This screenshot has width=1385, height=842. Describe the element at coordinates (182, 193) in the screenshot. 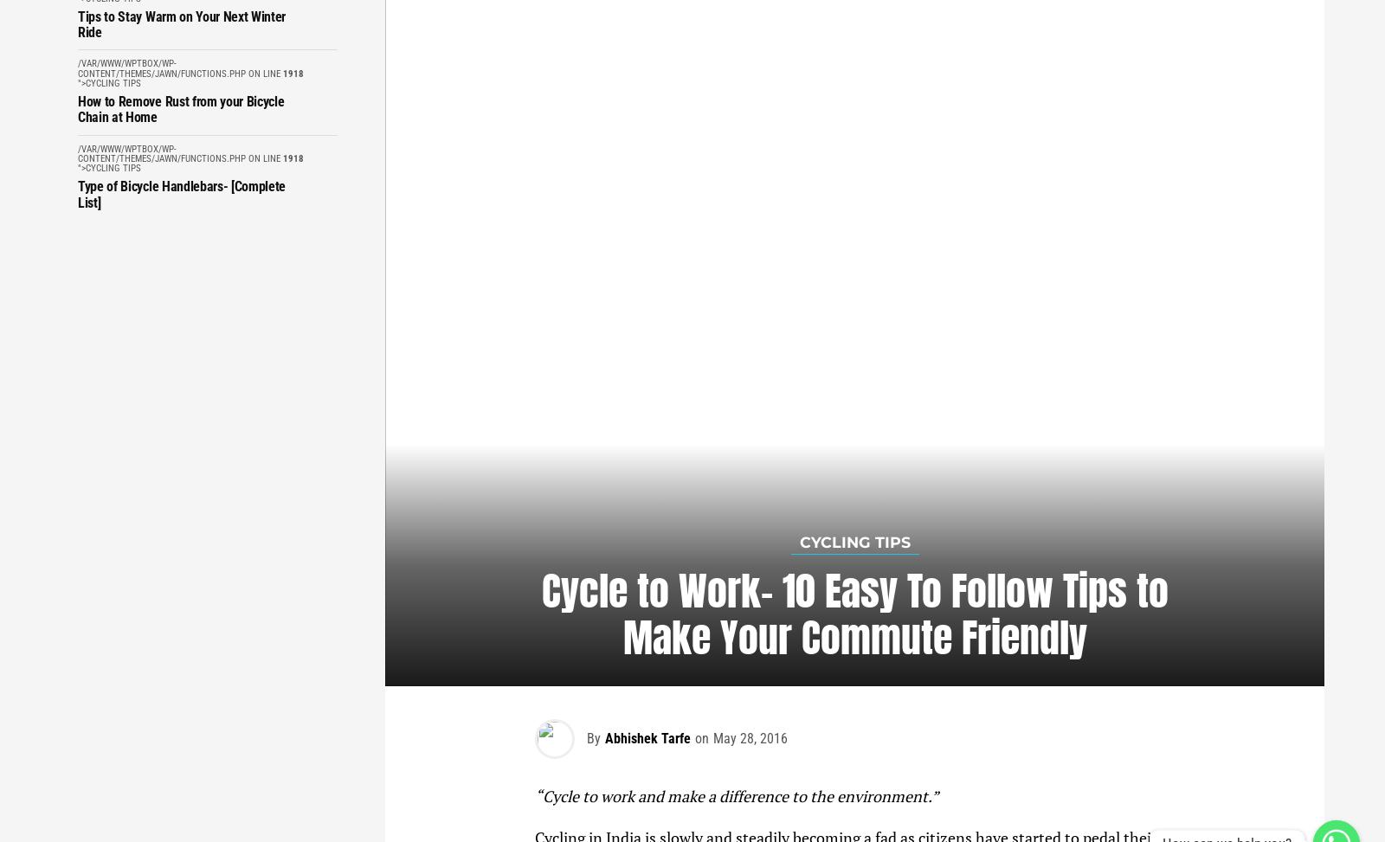

I see `'Type of Bicycle Handlebars- [Complete List]'` at that location.